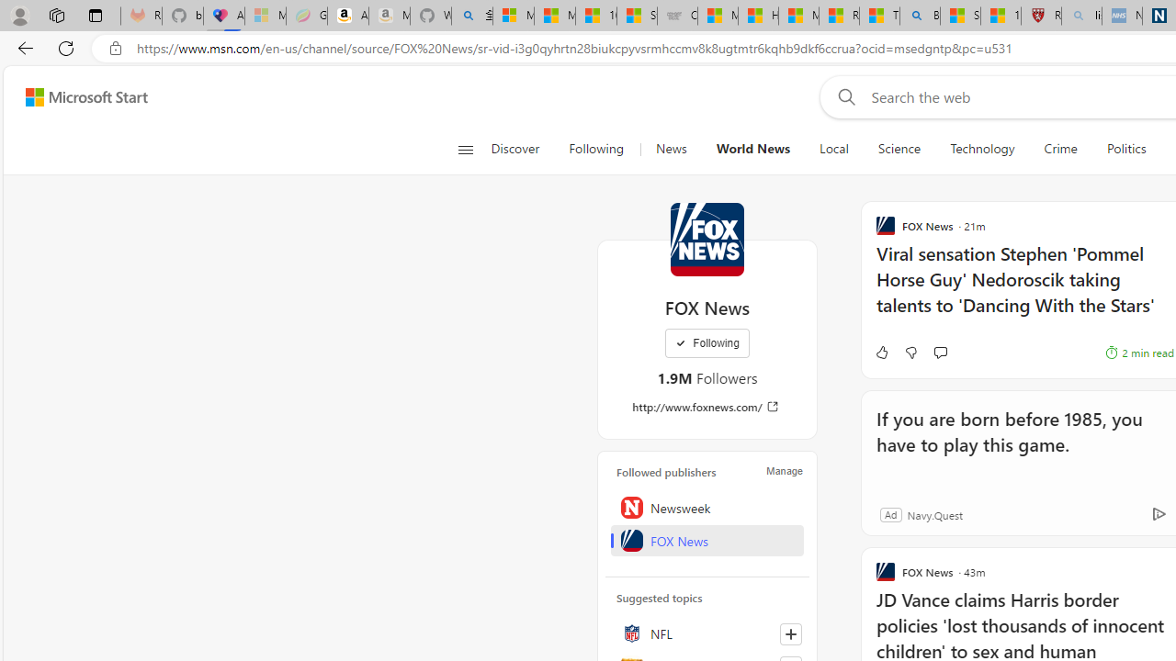 Image resolution: width=1176 pixels, height=661 pixels. What do you see at coordinates (1018, 444) in the screenshot?
I see `'If you are born before 1985, you have to play this game.'` at bounding box center [1018, 444].